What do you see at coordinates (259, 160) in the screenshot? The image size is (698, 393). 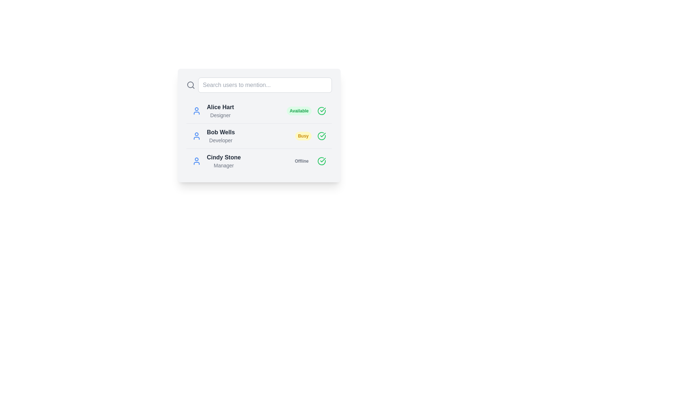 I see `the list item displaying 'Cindy Stone' in bold, which is the third item in the list and shows 'Manager' and 'Offline' on the right side` at bounding box center [259, 160].